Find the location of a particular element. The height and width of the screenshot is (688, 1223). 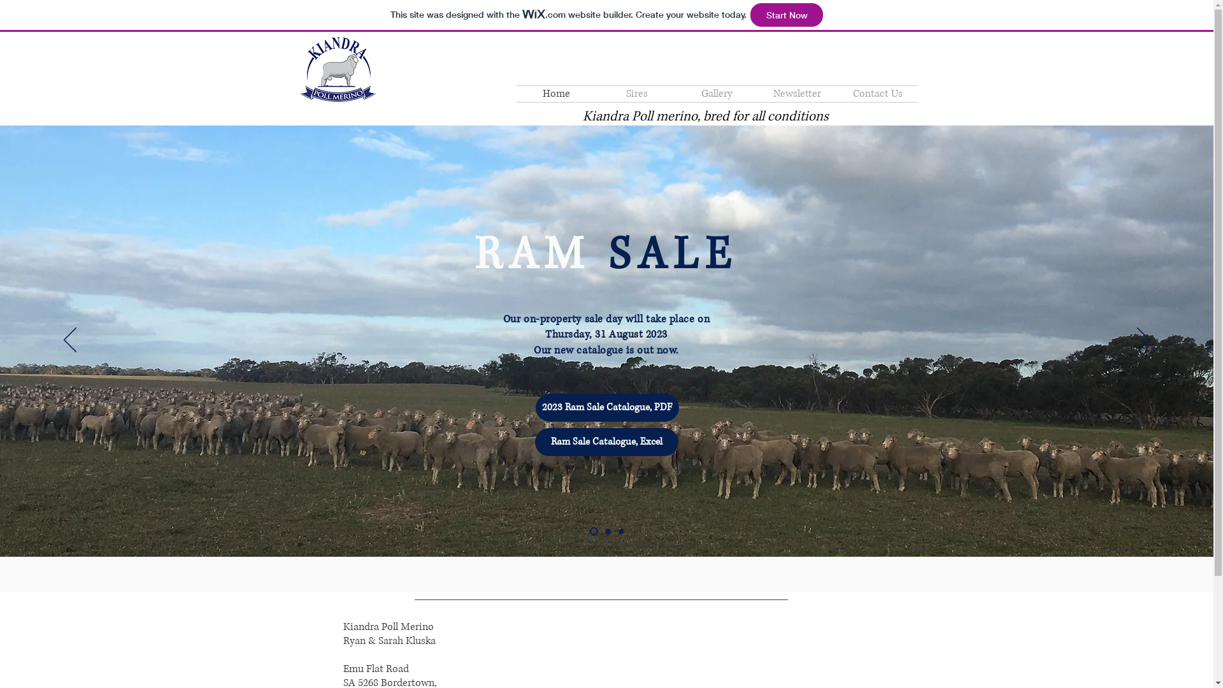

'Contact Us' is located at coordinates (837, 93).